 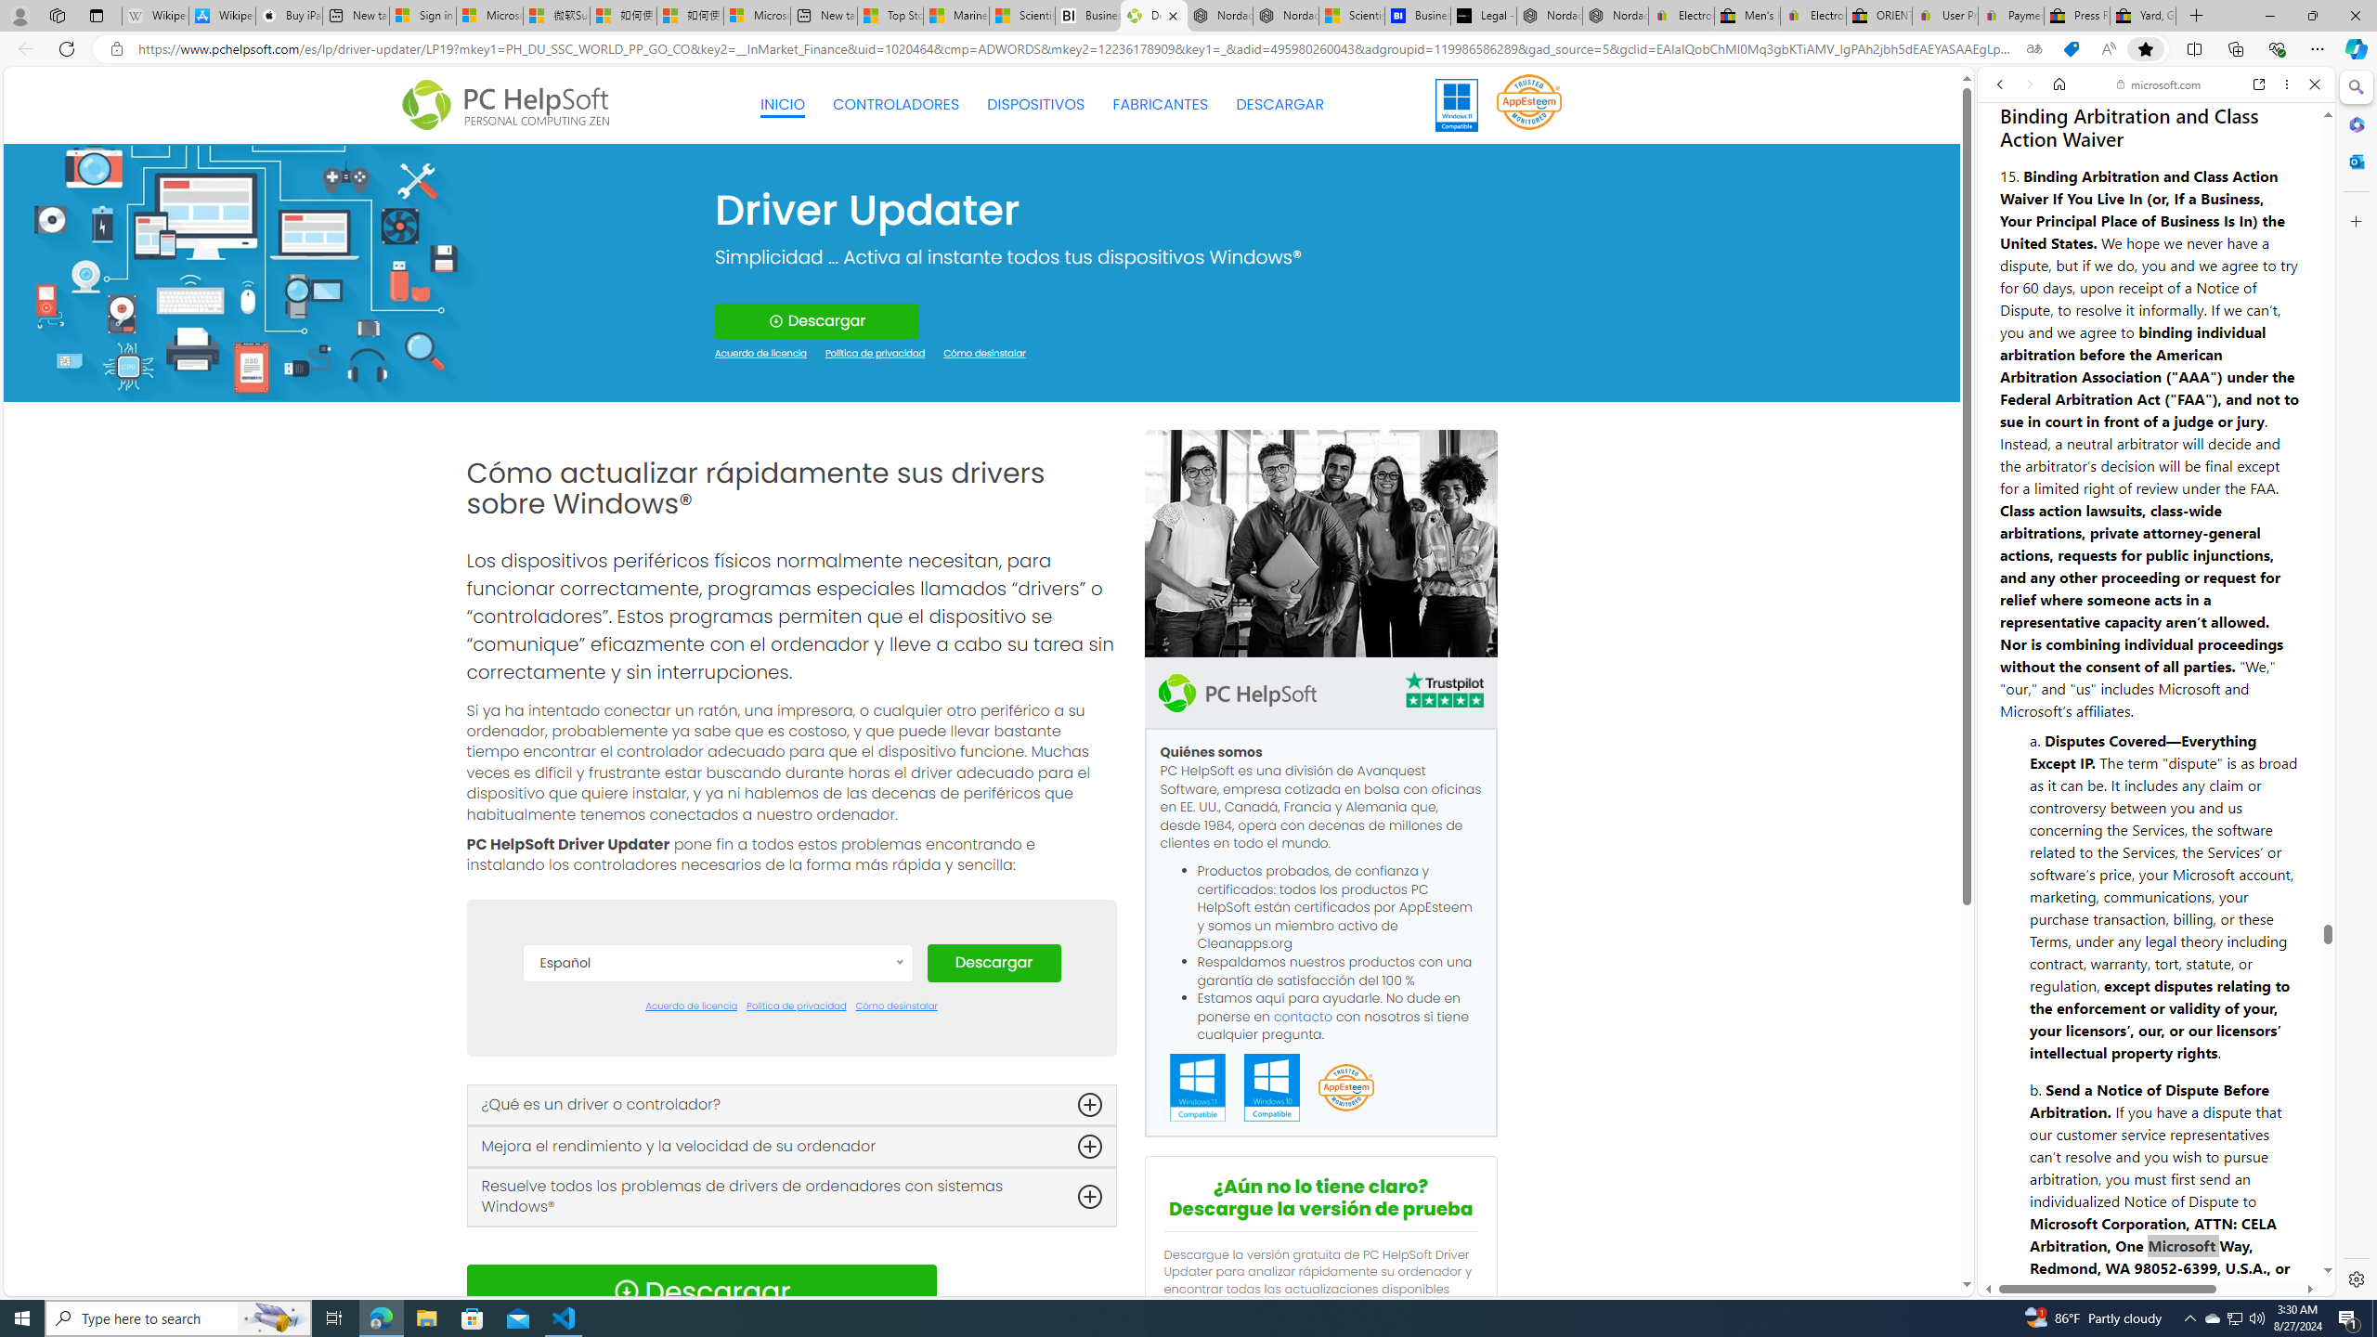 I want to click on 'INICIO', so click(x=783, y=104).